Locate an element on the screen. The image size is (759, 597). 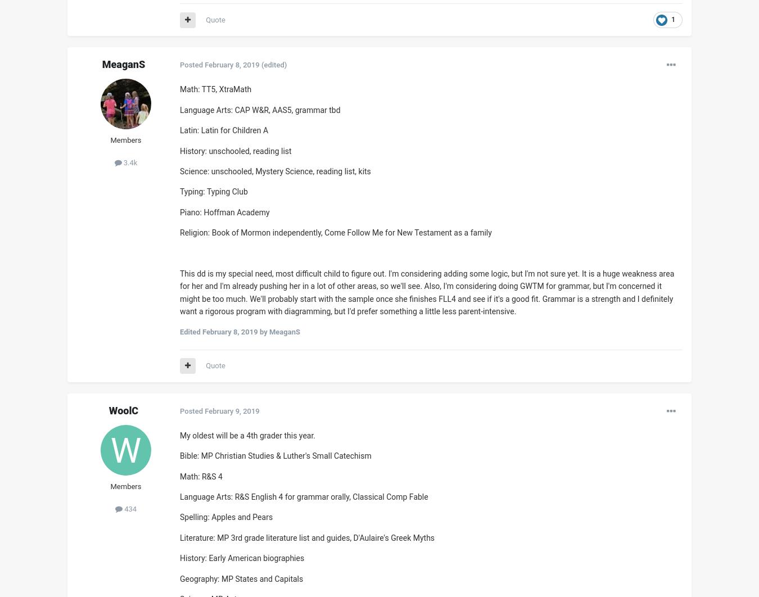
'by MeaganS' is located at coordinates (257, 332).